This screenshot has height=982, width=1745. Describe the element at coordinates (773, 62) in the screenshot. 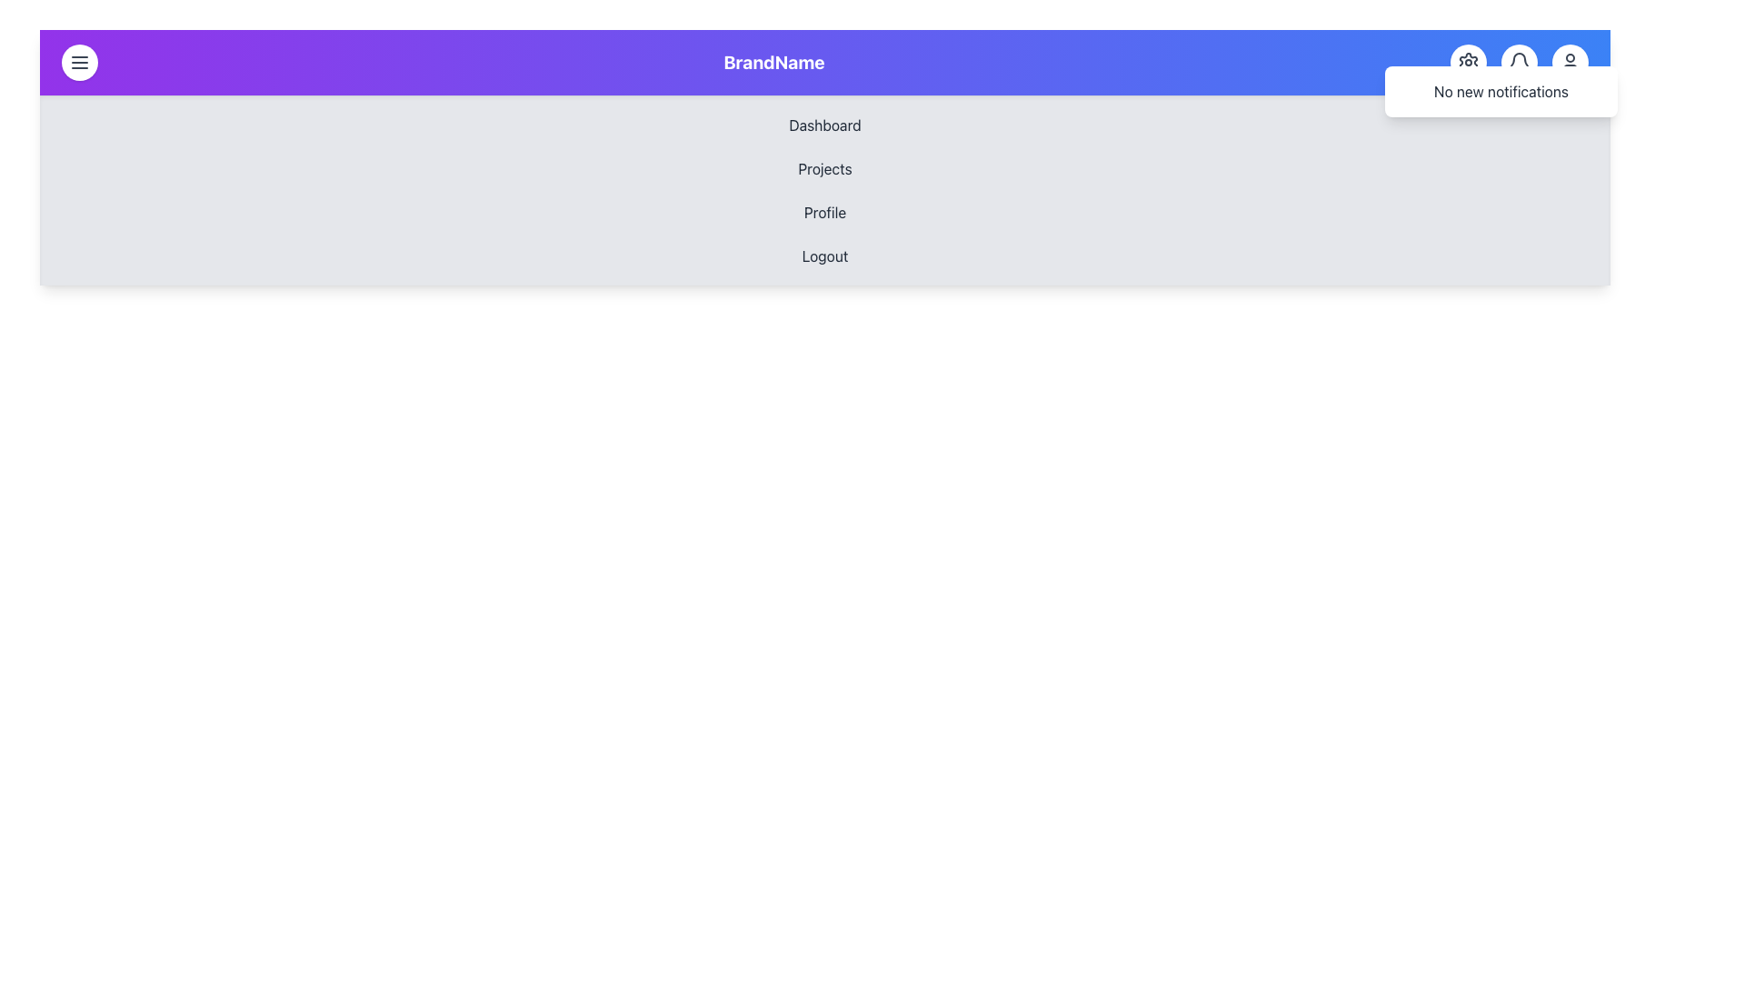

I see `the brand identifier text label located centrally in the navigation bar` at that location.